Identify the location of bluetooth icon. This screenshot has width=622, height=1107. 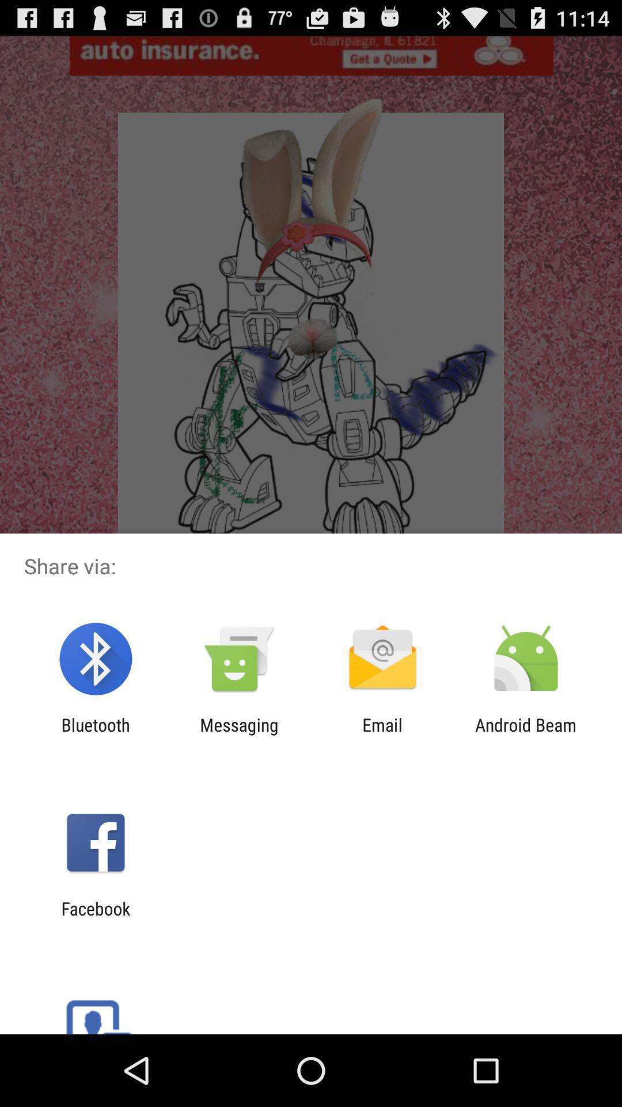
(95, 735).